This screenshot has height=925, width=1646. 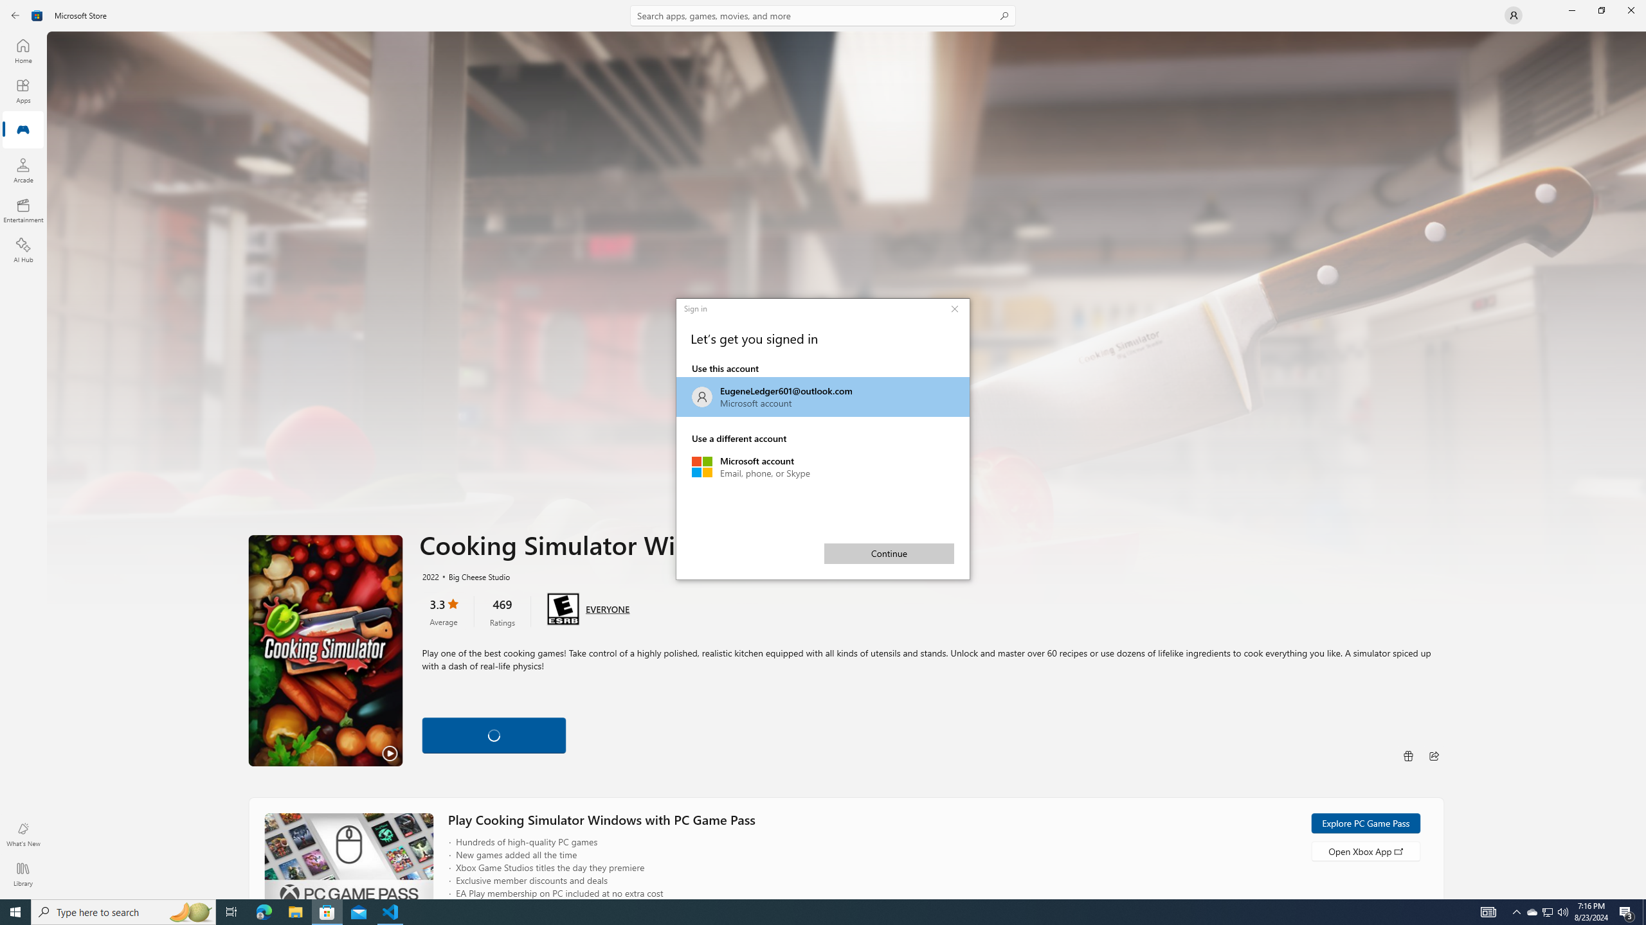 I want to click on 'Vertical Small Increase', so click(x=1641, y=895).